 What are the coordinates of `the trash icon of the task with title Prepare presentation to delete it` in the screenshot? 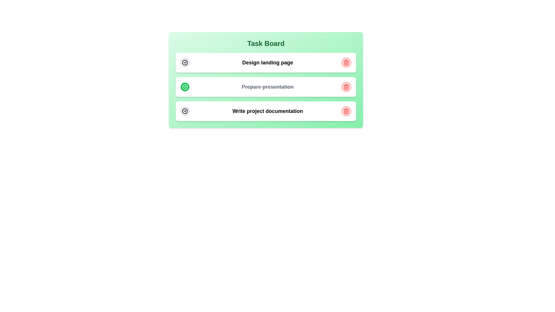 It's located at (346, 87).